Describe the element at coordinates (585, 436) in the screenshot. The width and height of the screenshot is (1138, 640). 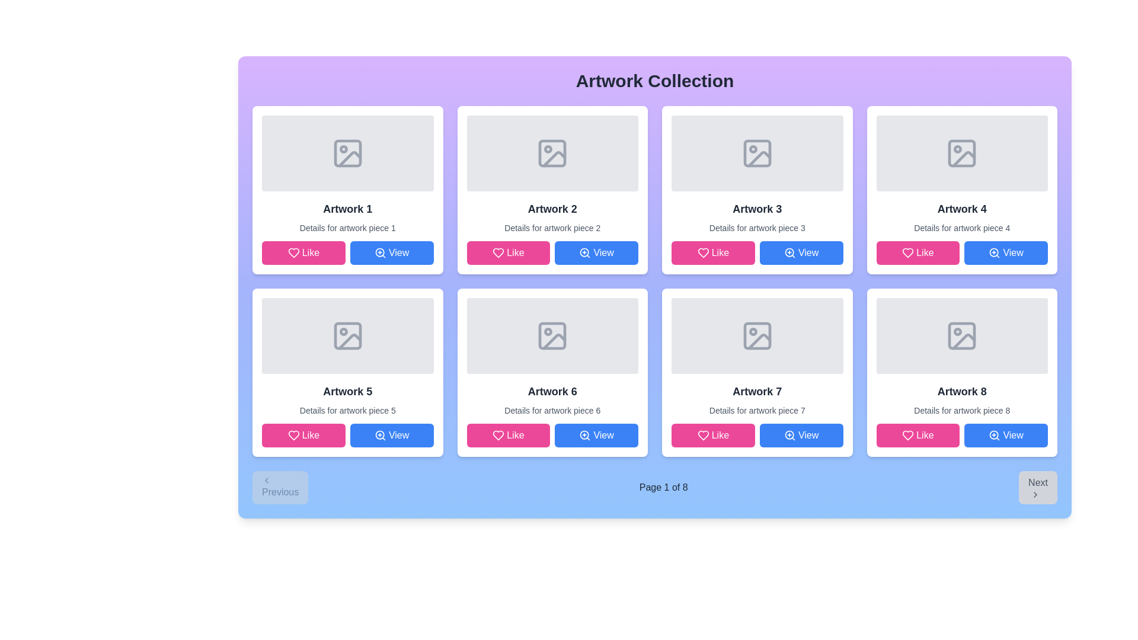
I see `the magnifying glass icon with a plus sign inside, located within the 'View' button below the 'Artwork 6' card` at that location.